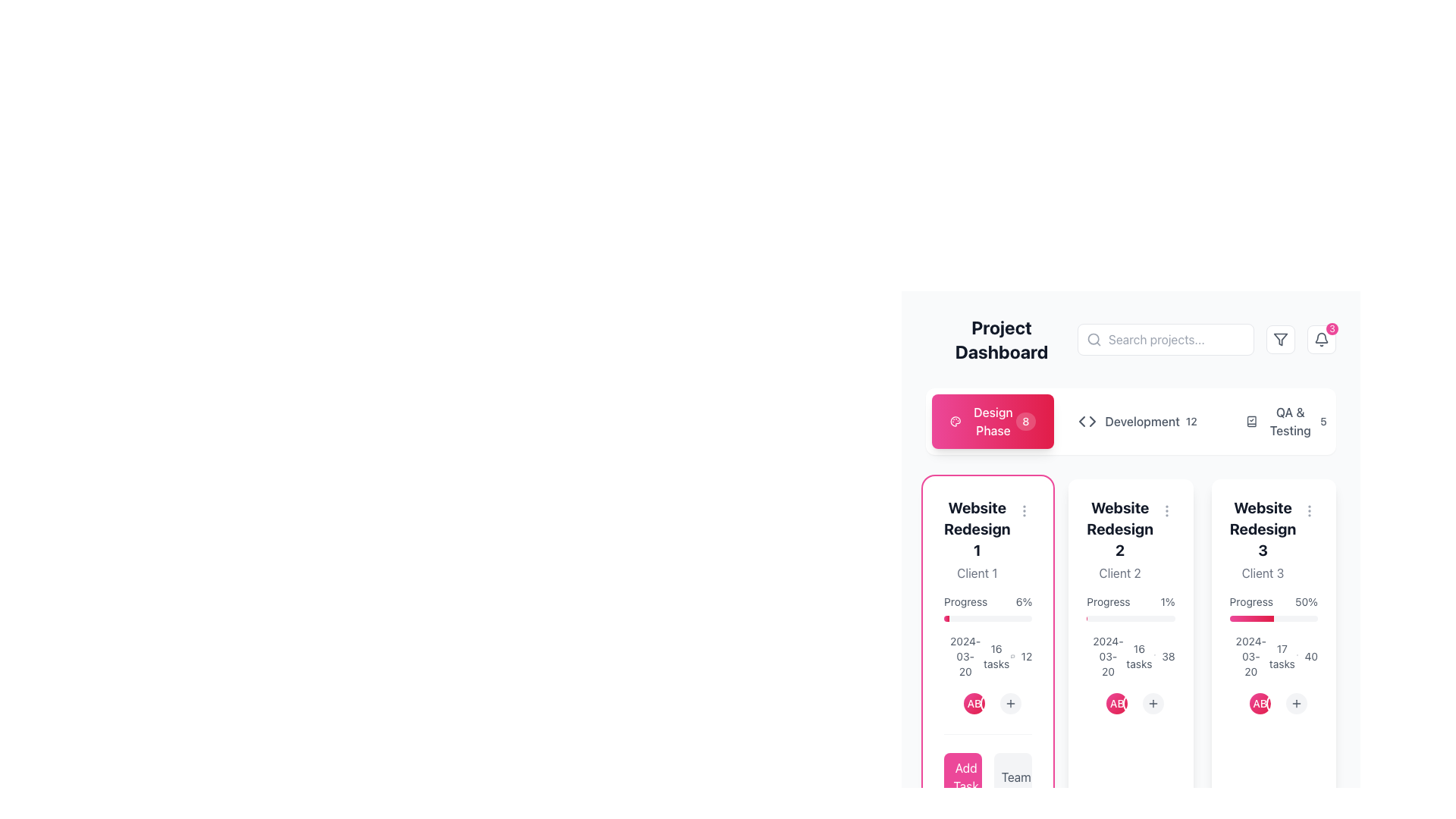 This screenshot has width=1456, height=819. Describe the element at coordinates (1153, 704) in the screenshot. I see `the button that allows users to add an item related to the 'Website Redesign 2' project, positioned centrally below the client initials circle` at that location.